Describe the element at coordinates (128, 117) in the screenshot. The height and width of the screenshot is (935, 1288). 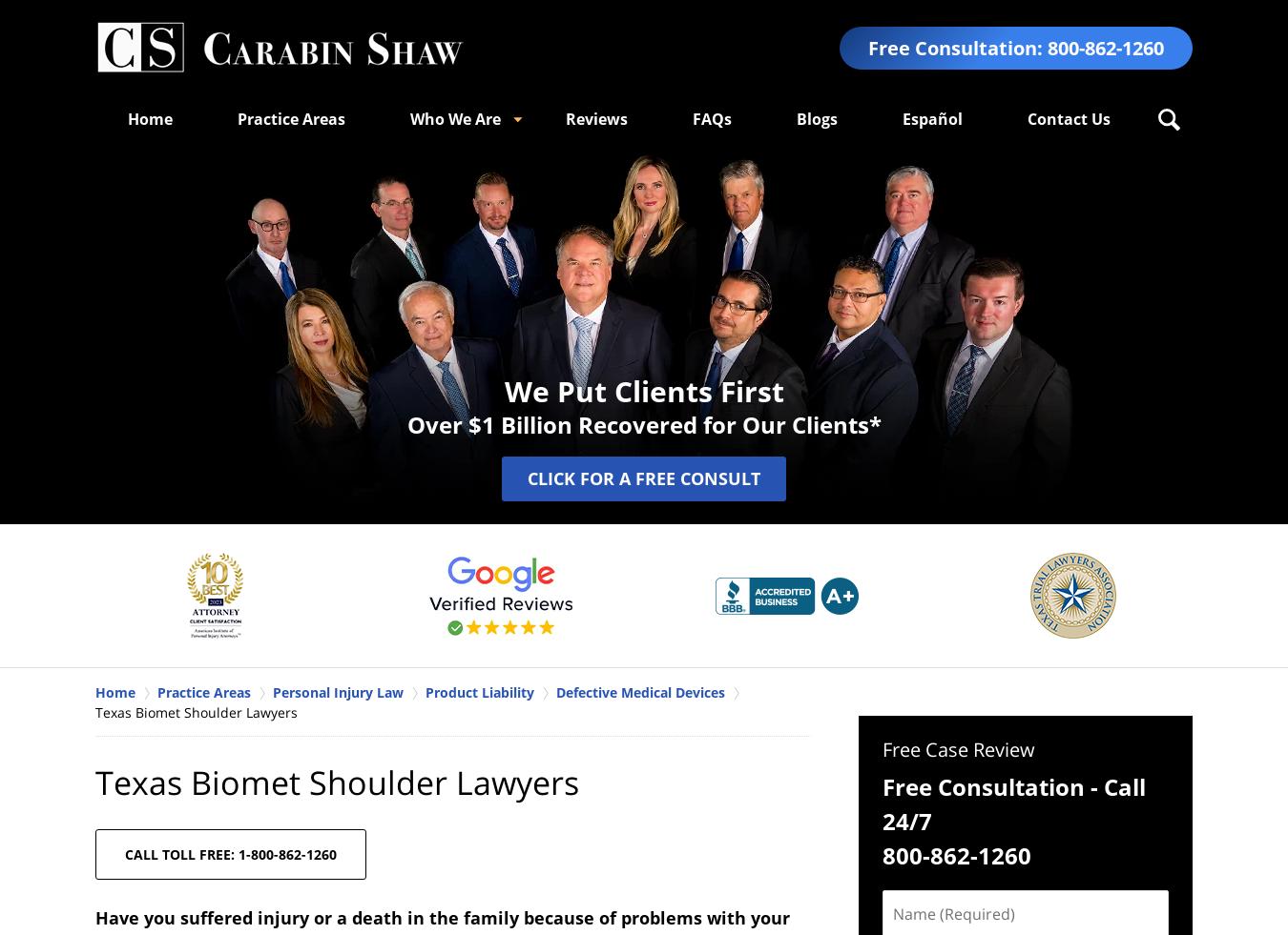
I see `'Home'` at that location.